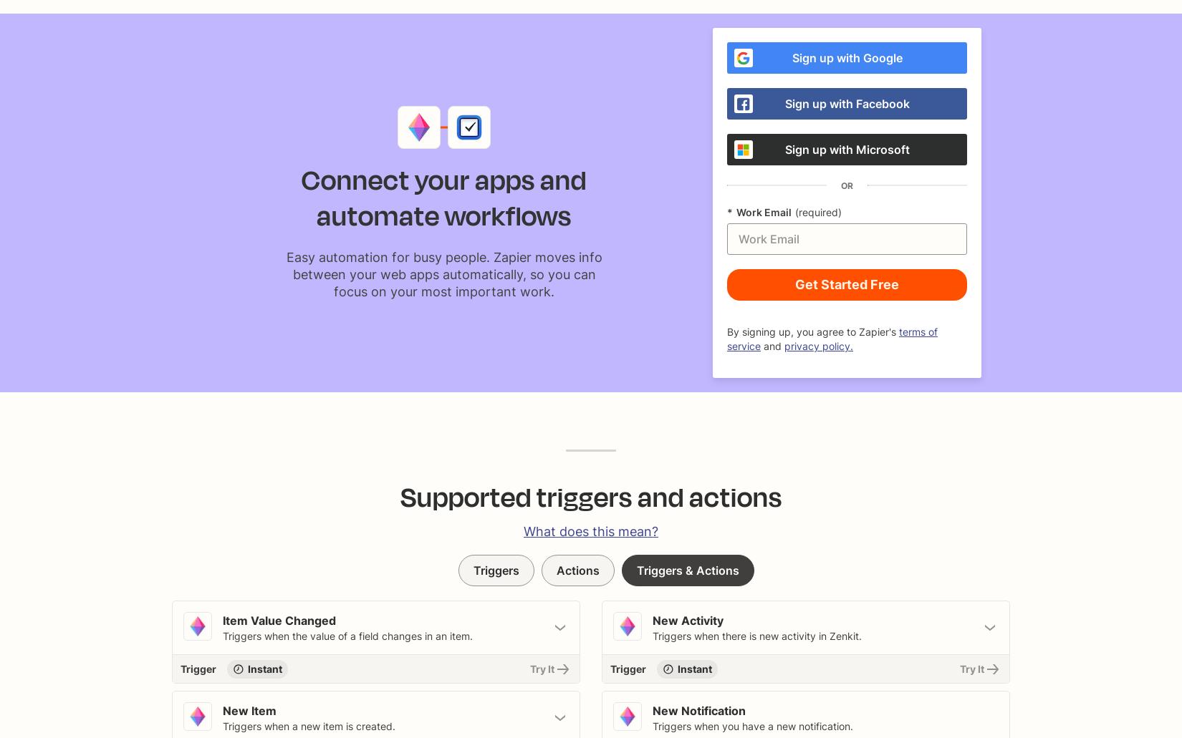 The image size is (1182, 738). Describe the element at coordinates (792, 58) in the screenshot. I see `'Sign up with Google'` at that location.